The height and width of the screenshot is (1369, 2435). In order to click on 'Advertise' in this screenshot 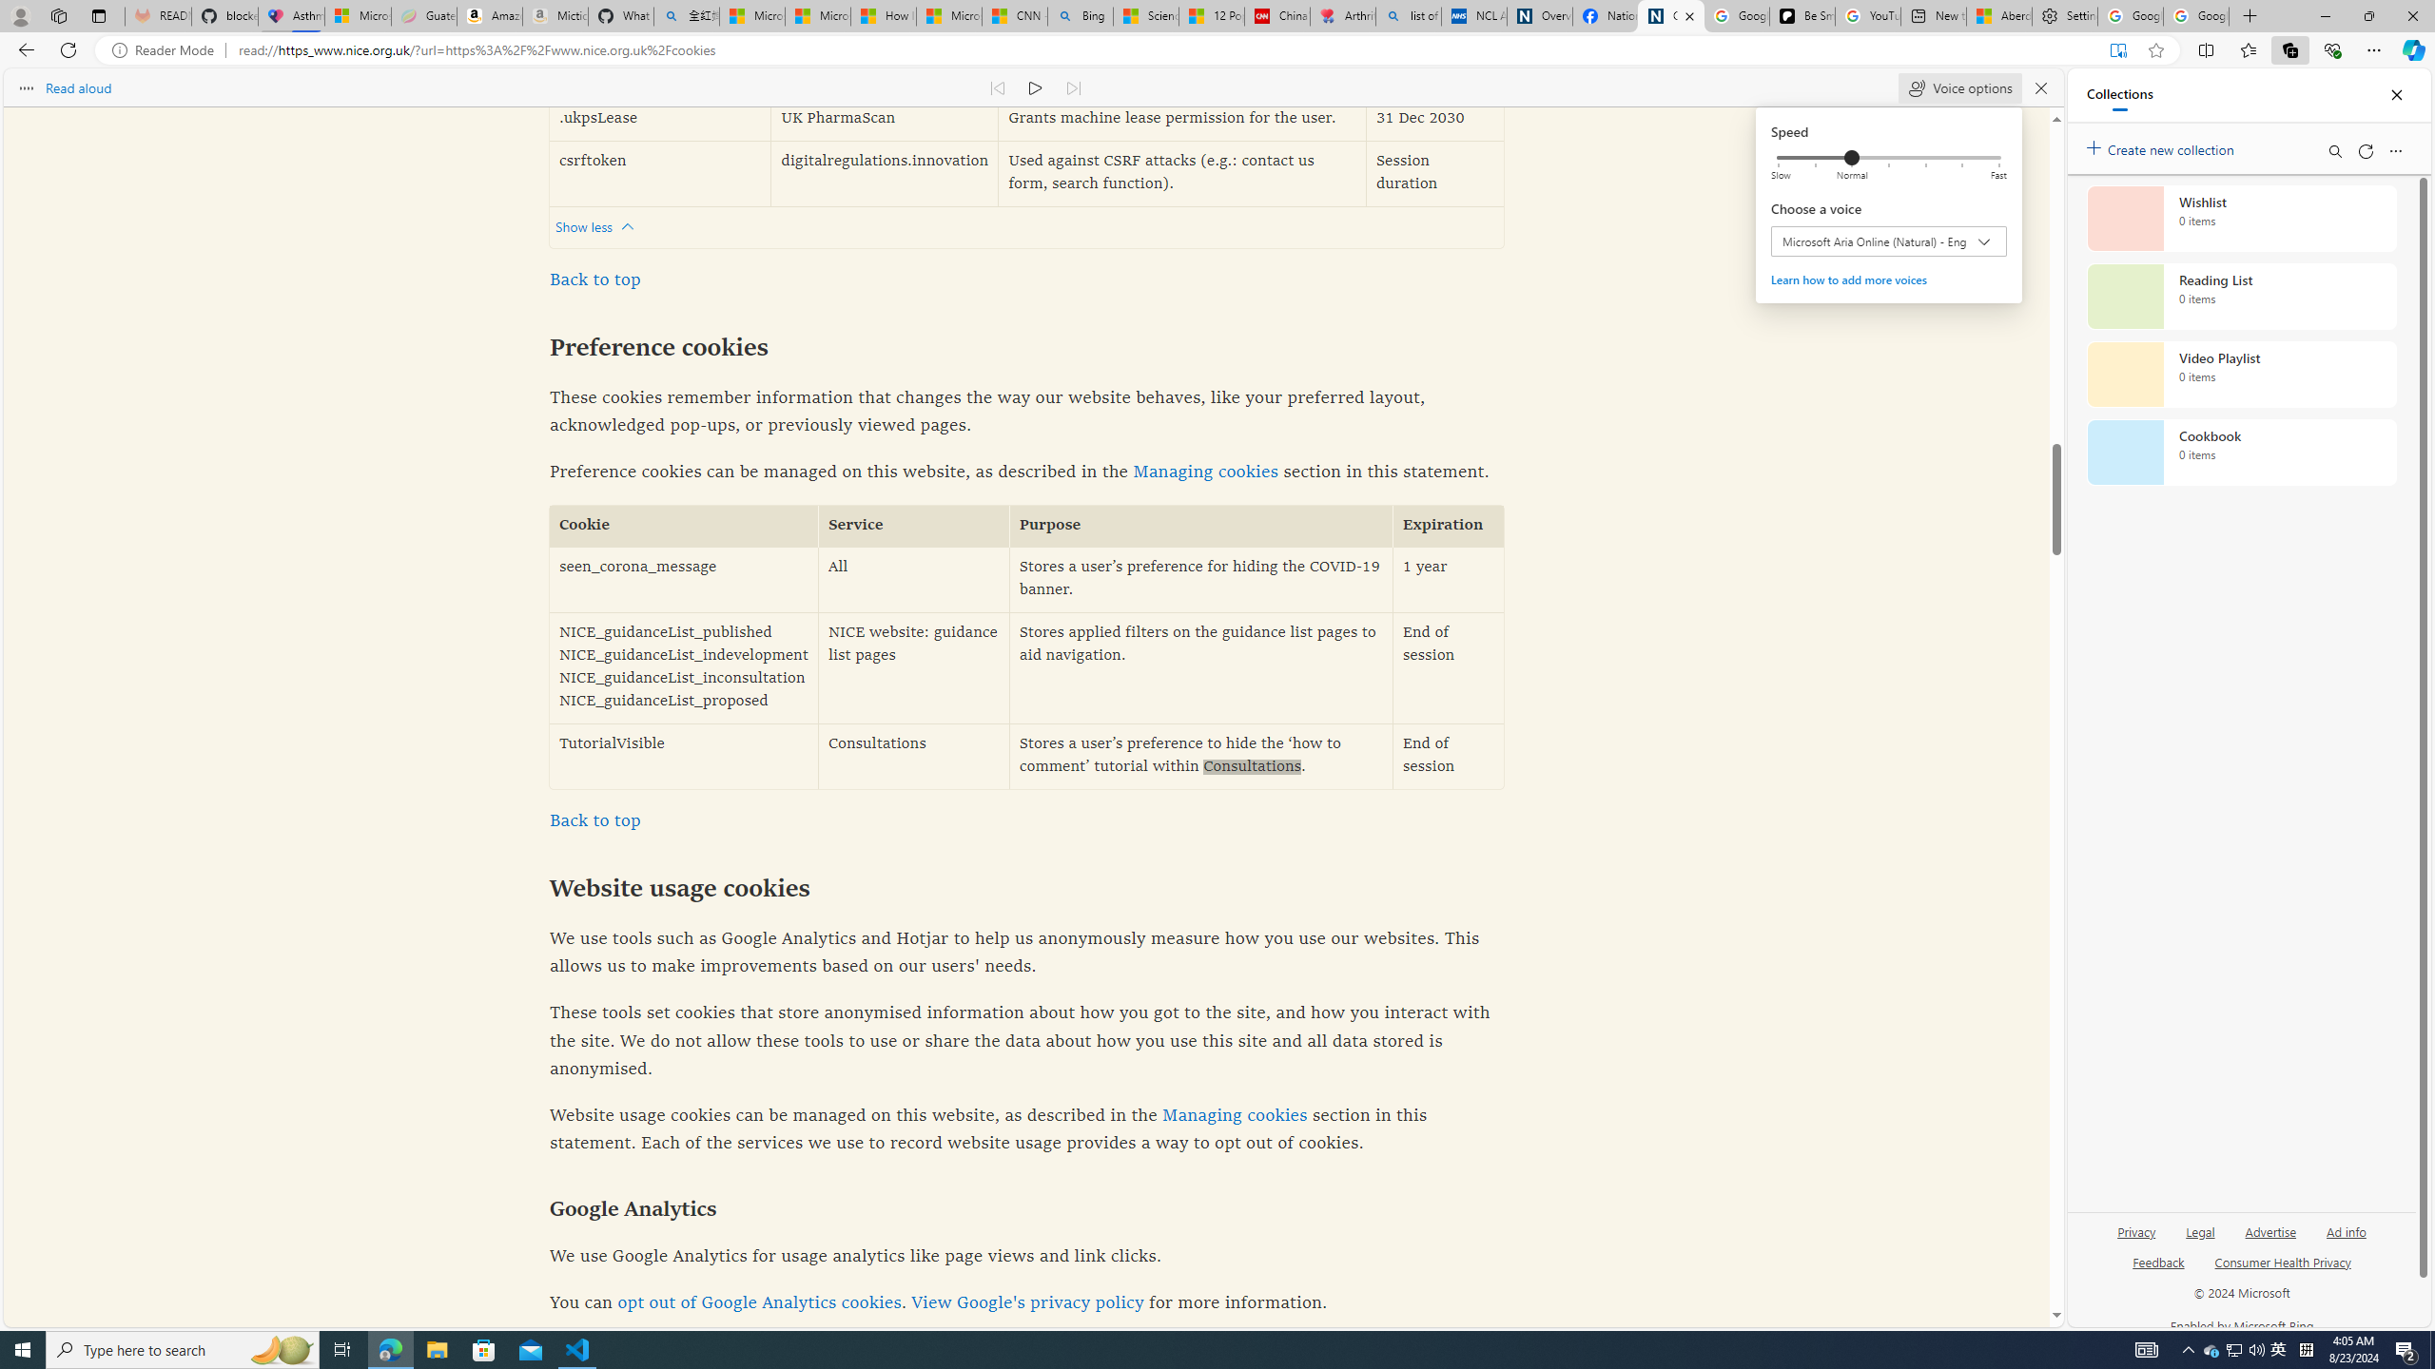, I will do `click(2271, 1238)`.